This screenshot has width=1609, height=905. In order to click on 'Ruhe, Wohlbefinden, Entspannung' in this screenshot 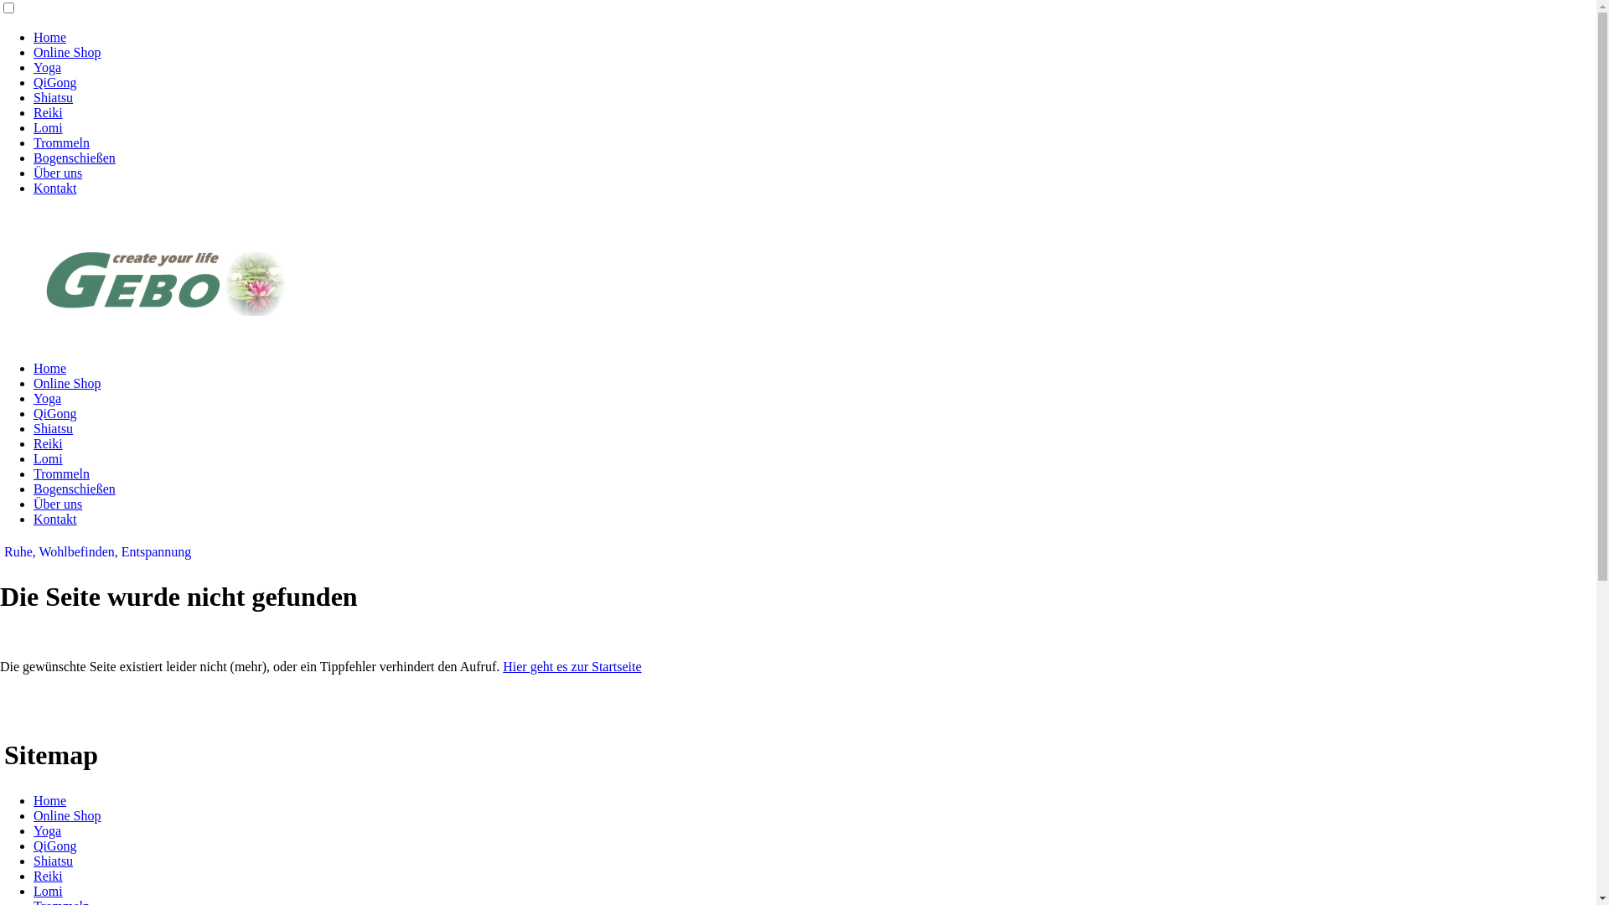, I will do `click(96, 551)`.